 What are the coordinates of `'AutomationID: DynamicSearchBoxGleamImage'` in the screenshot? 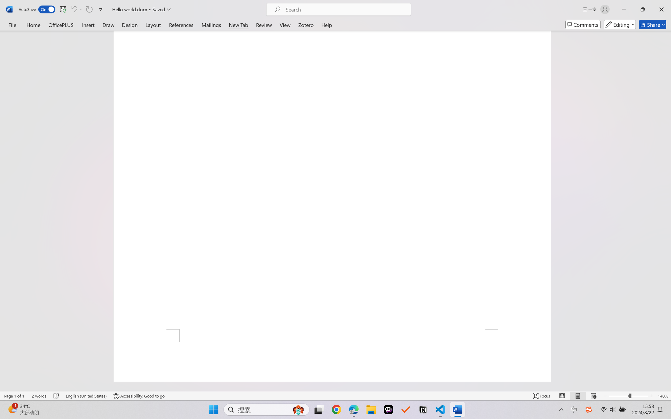 It's located at (298, 410).